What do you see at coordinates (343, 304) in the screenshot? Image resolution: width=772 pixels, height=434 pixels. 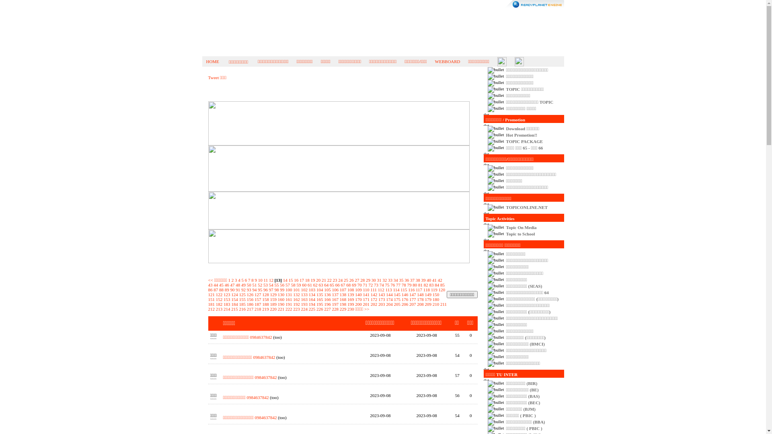 I see `'198'` at bounding box center [343, 304].